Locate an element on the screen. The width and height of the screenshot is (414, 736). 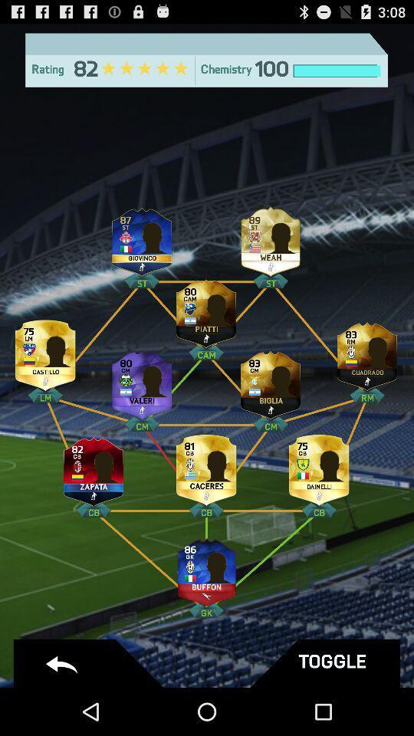
valeri is located at coordinates (142, 380).